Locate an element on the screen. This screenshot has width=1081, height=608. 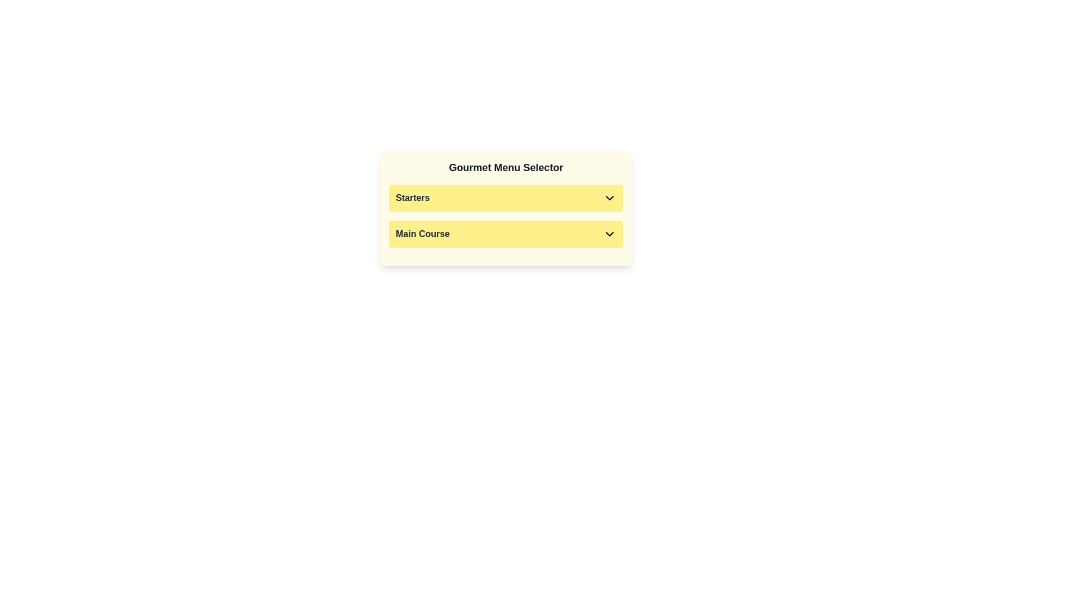
the title text element located at the top of the light yellow card, which indicates the section's content above 'Starters' and 'Main Course.' is located at coordinates (505, 167).